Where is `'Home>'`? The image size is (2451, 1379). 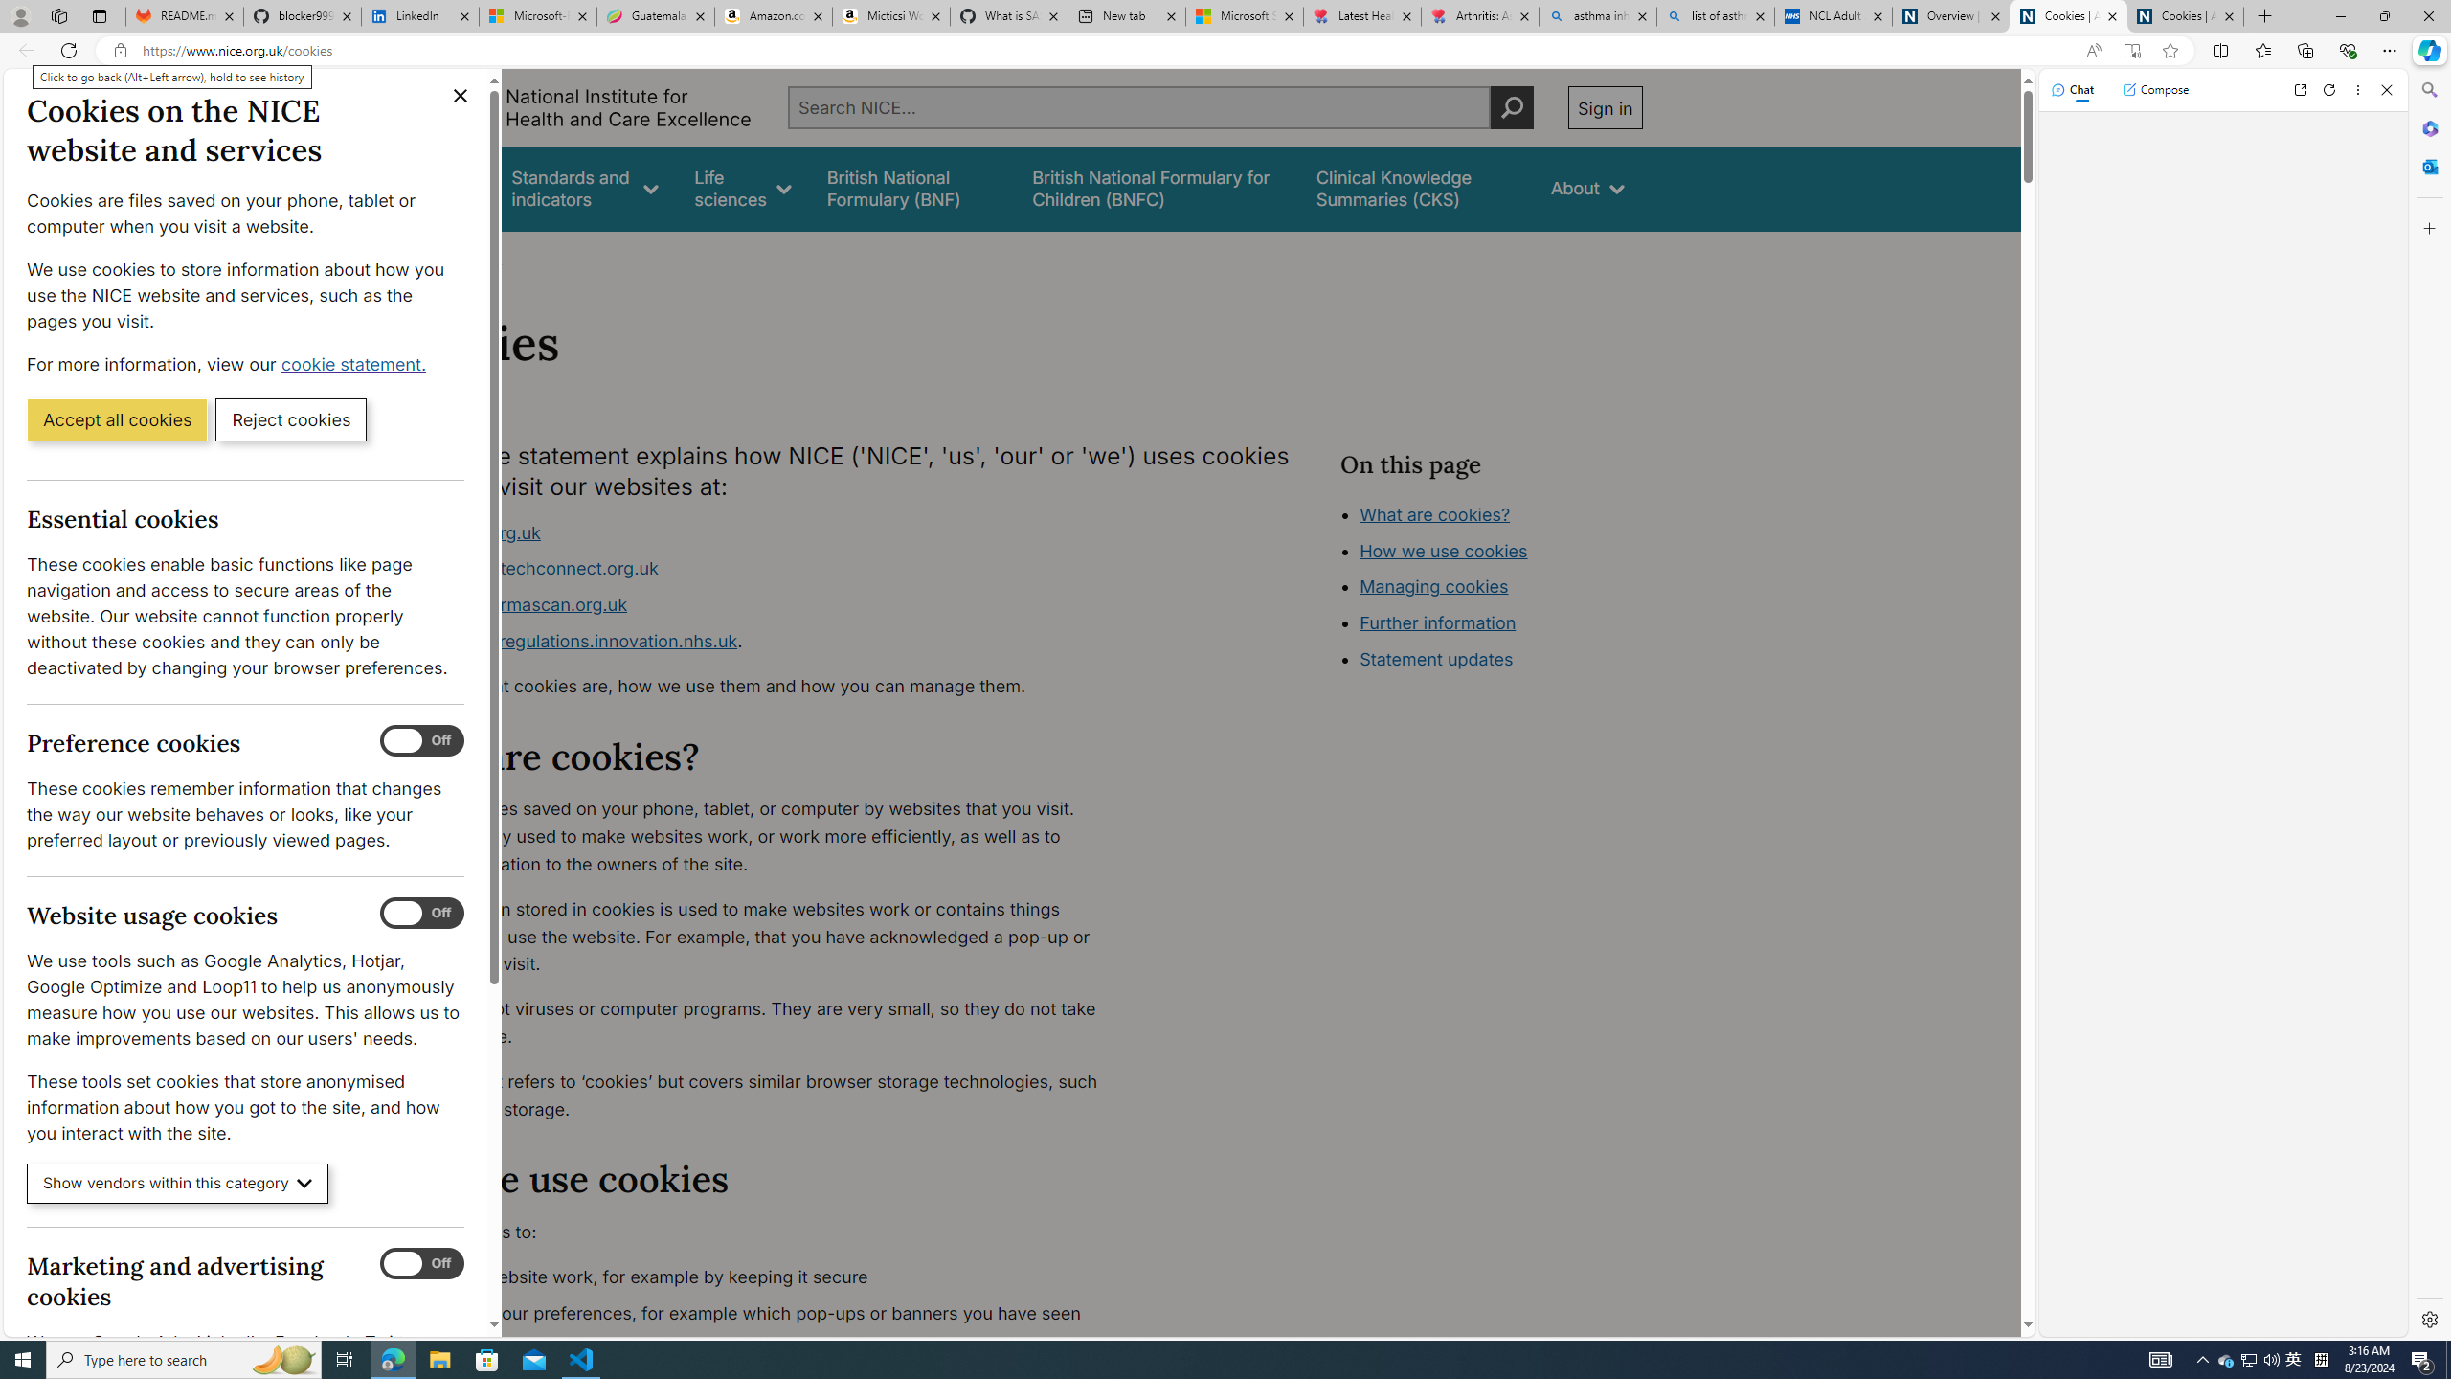 'Home>' is located at coordinates (414, 257).